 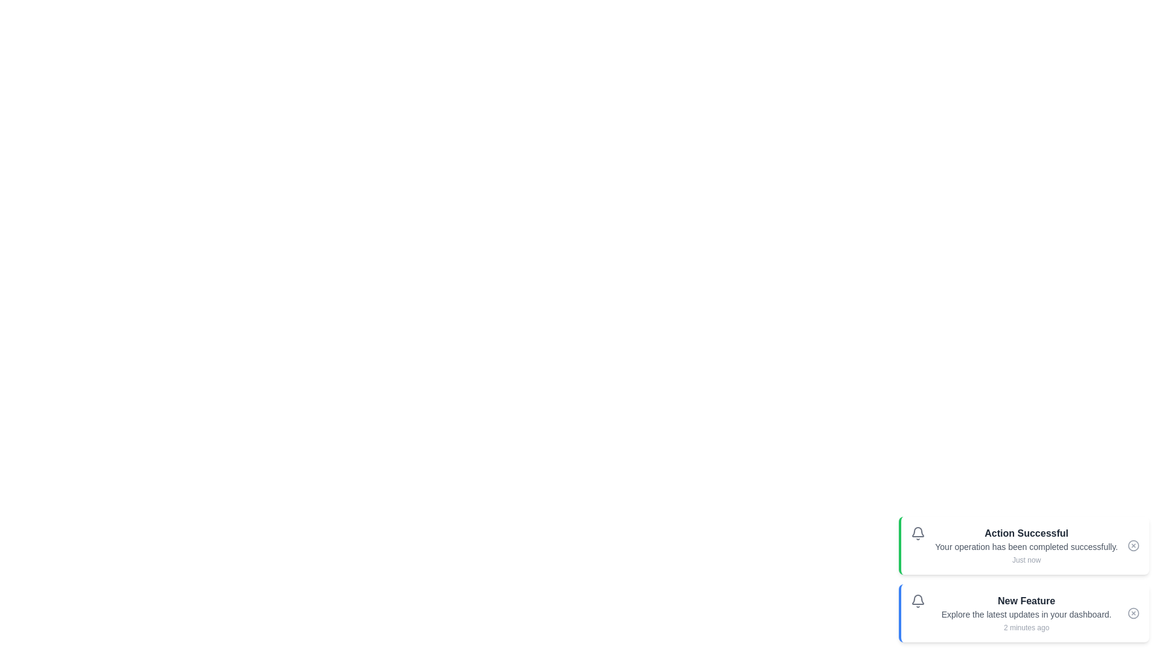 What do you see at coordinates (1026, 545) in the screenshot?
I see `the text block within the top notification card that indicates a successful action, located next to the bell icon on the left and the 'X' close button on the right` at bounding box center [1026, 545].